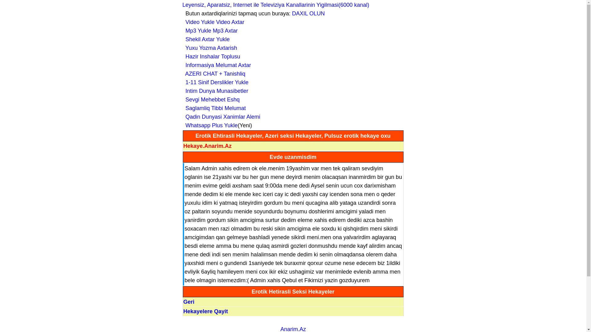 This screenshot has width=591, height=332. I want to click on '  Hazir Inshalar Toplusu', so click(182, 57).